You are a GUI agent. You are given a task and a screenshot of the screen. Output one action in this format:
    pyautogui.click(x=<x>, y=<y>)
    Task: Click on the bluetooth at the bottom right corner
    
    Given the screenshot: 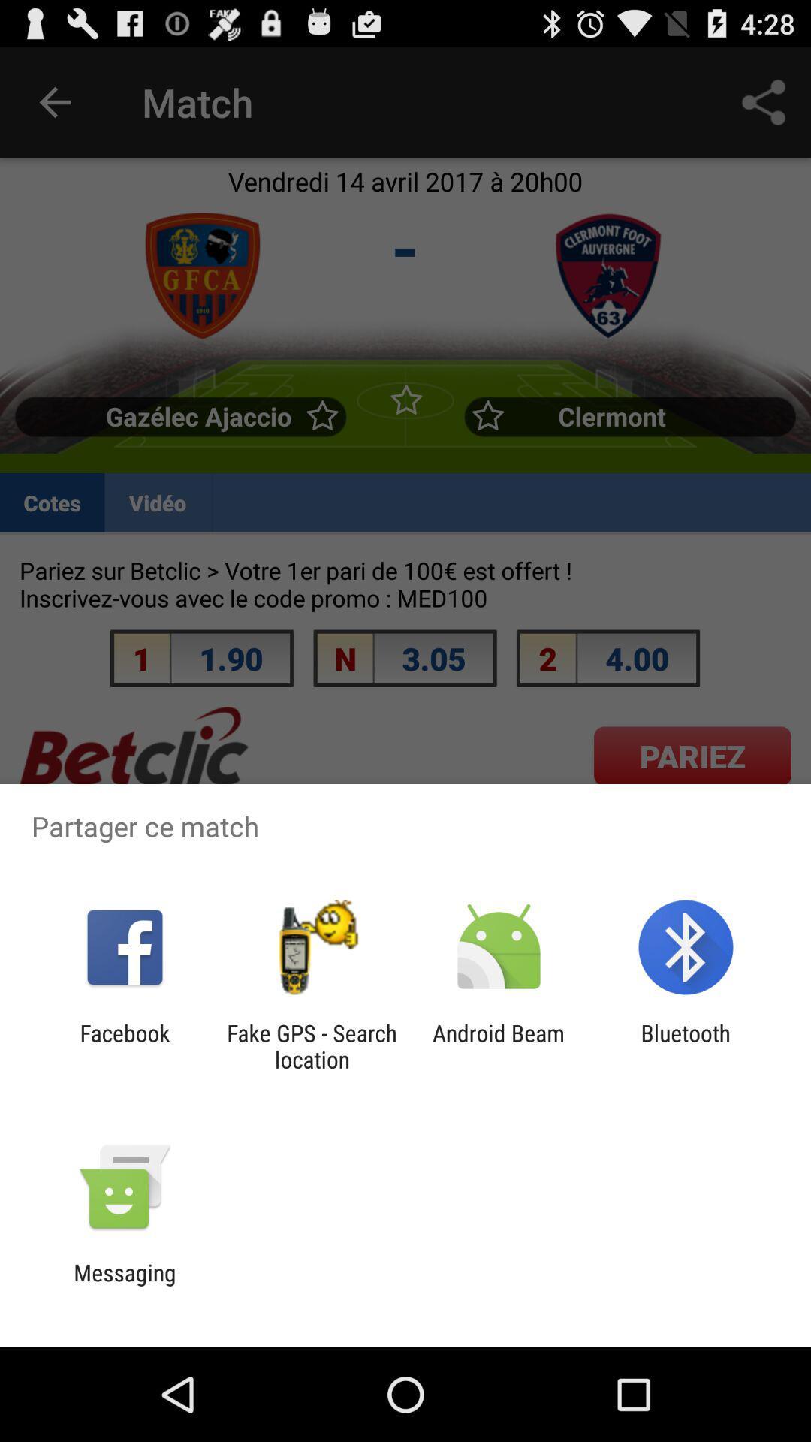 What is the action you would take?
    pyautogui.click(x=686, y=1045)
    